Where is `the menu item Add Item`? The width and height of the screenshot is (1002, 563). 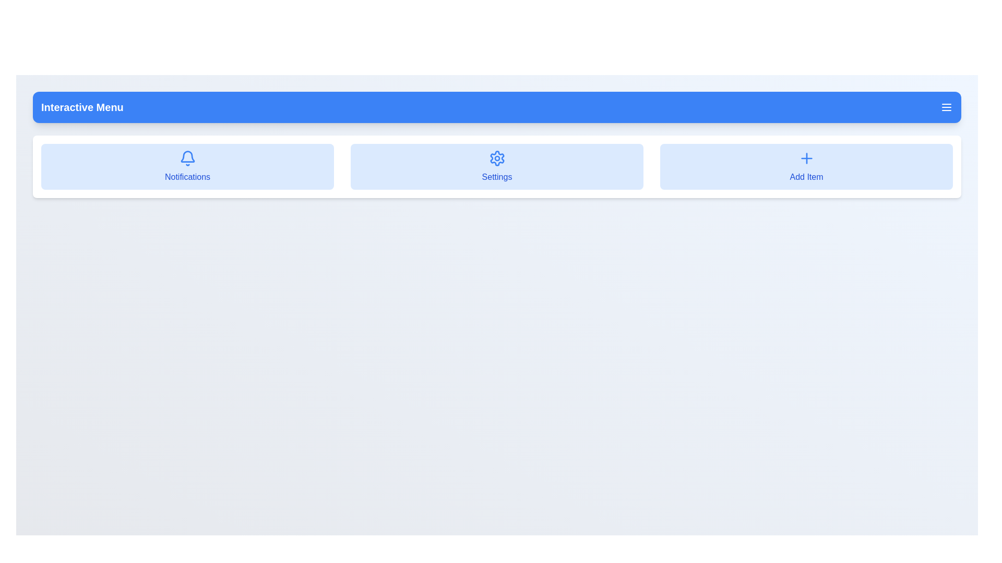
the menu item Add Item is located at coordinates (806, 166).